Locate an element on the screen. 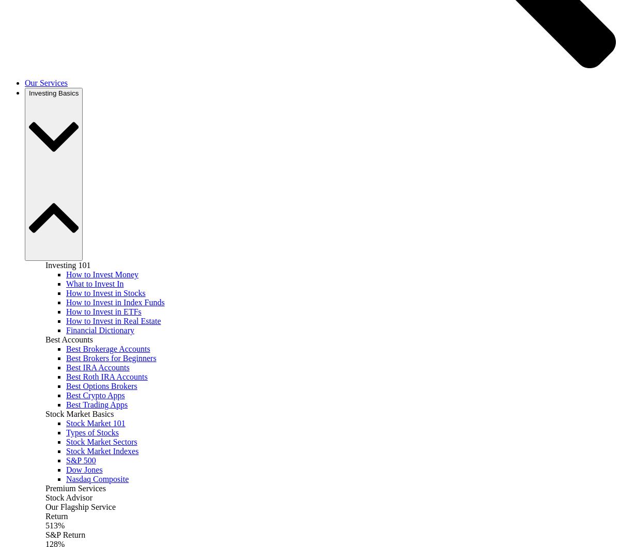 The height and width of the screenshot is (547, 620). 'Types of Stocks' is located at coordinates (91, 432).